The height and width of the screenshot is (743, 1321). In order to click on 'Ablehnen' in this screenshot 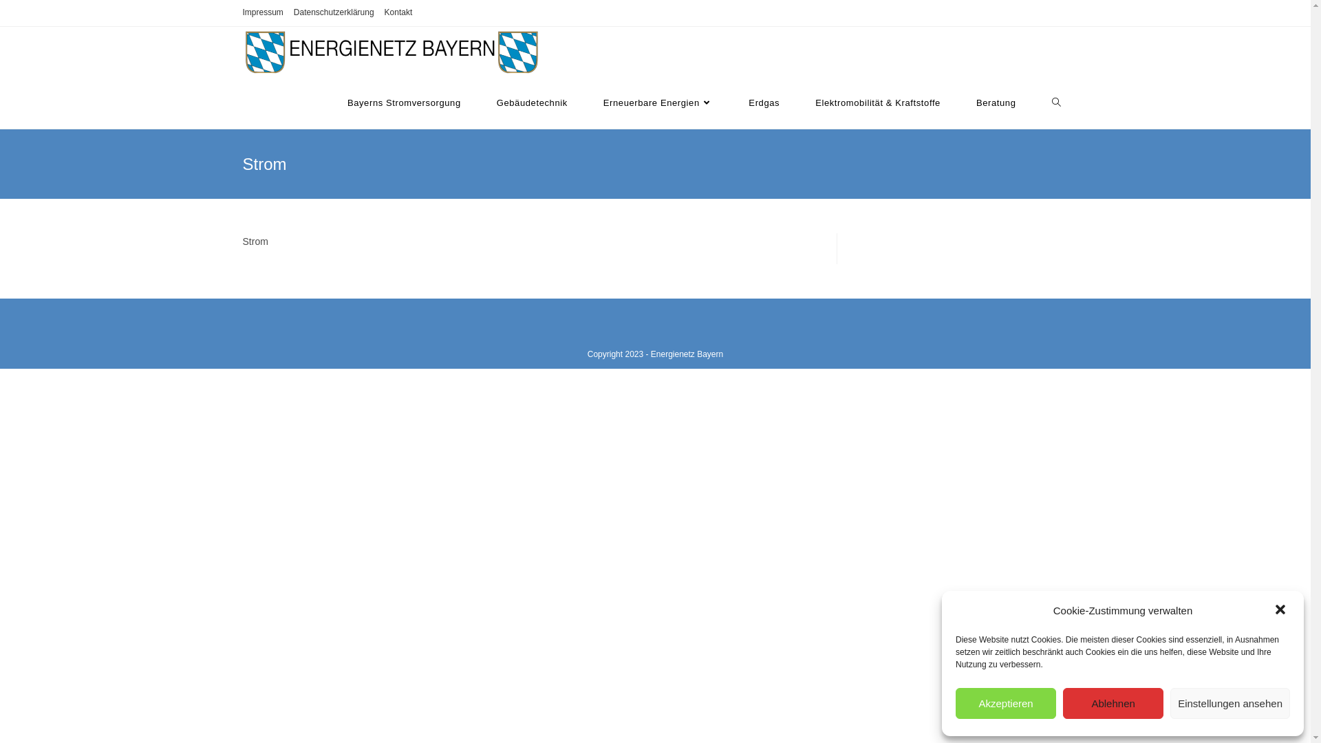, I will do `click(1113, 703)`.